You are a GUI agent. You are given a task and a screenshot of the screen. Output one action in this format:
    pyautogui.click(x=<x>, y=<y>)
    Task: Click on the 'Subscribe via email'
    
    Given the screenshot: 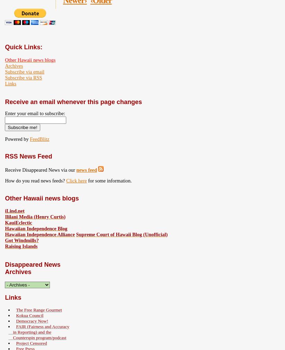 What is the action you would take?
    pyautogui.click(x=24, y=71)
    